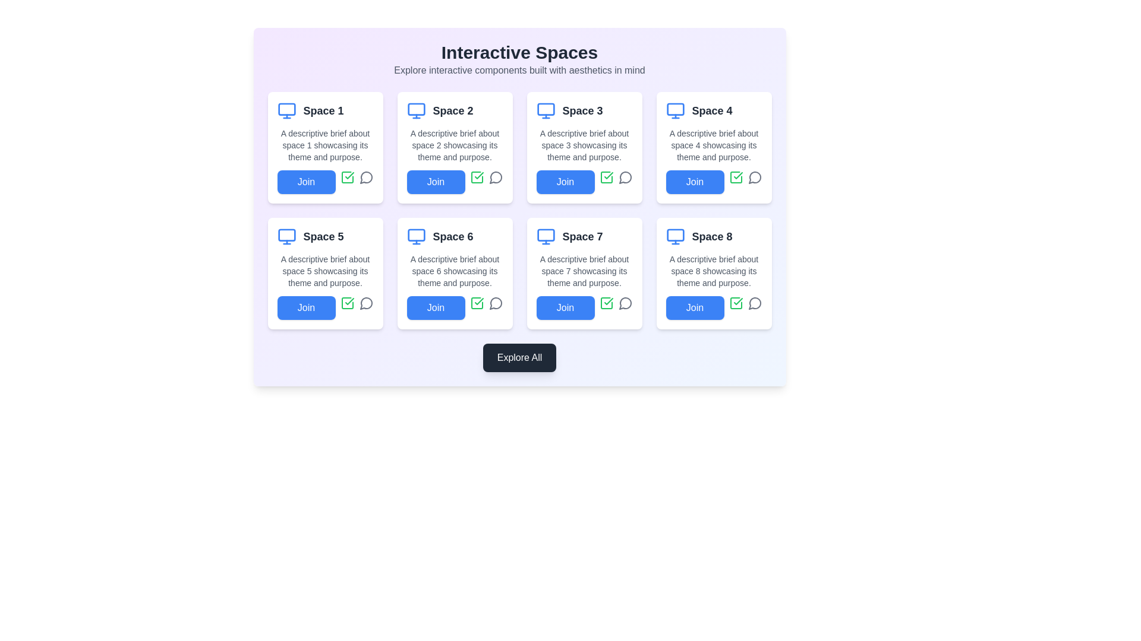 This screenshot has width=1141, height=641. What do you see at coordinates (496, 303) in the screenshot?
I see `the comments icon located at the bottom-right corner of the card labeled 'Space 6' to potentially open a dialog or view comments` at bounding box center [496, 303].